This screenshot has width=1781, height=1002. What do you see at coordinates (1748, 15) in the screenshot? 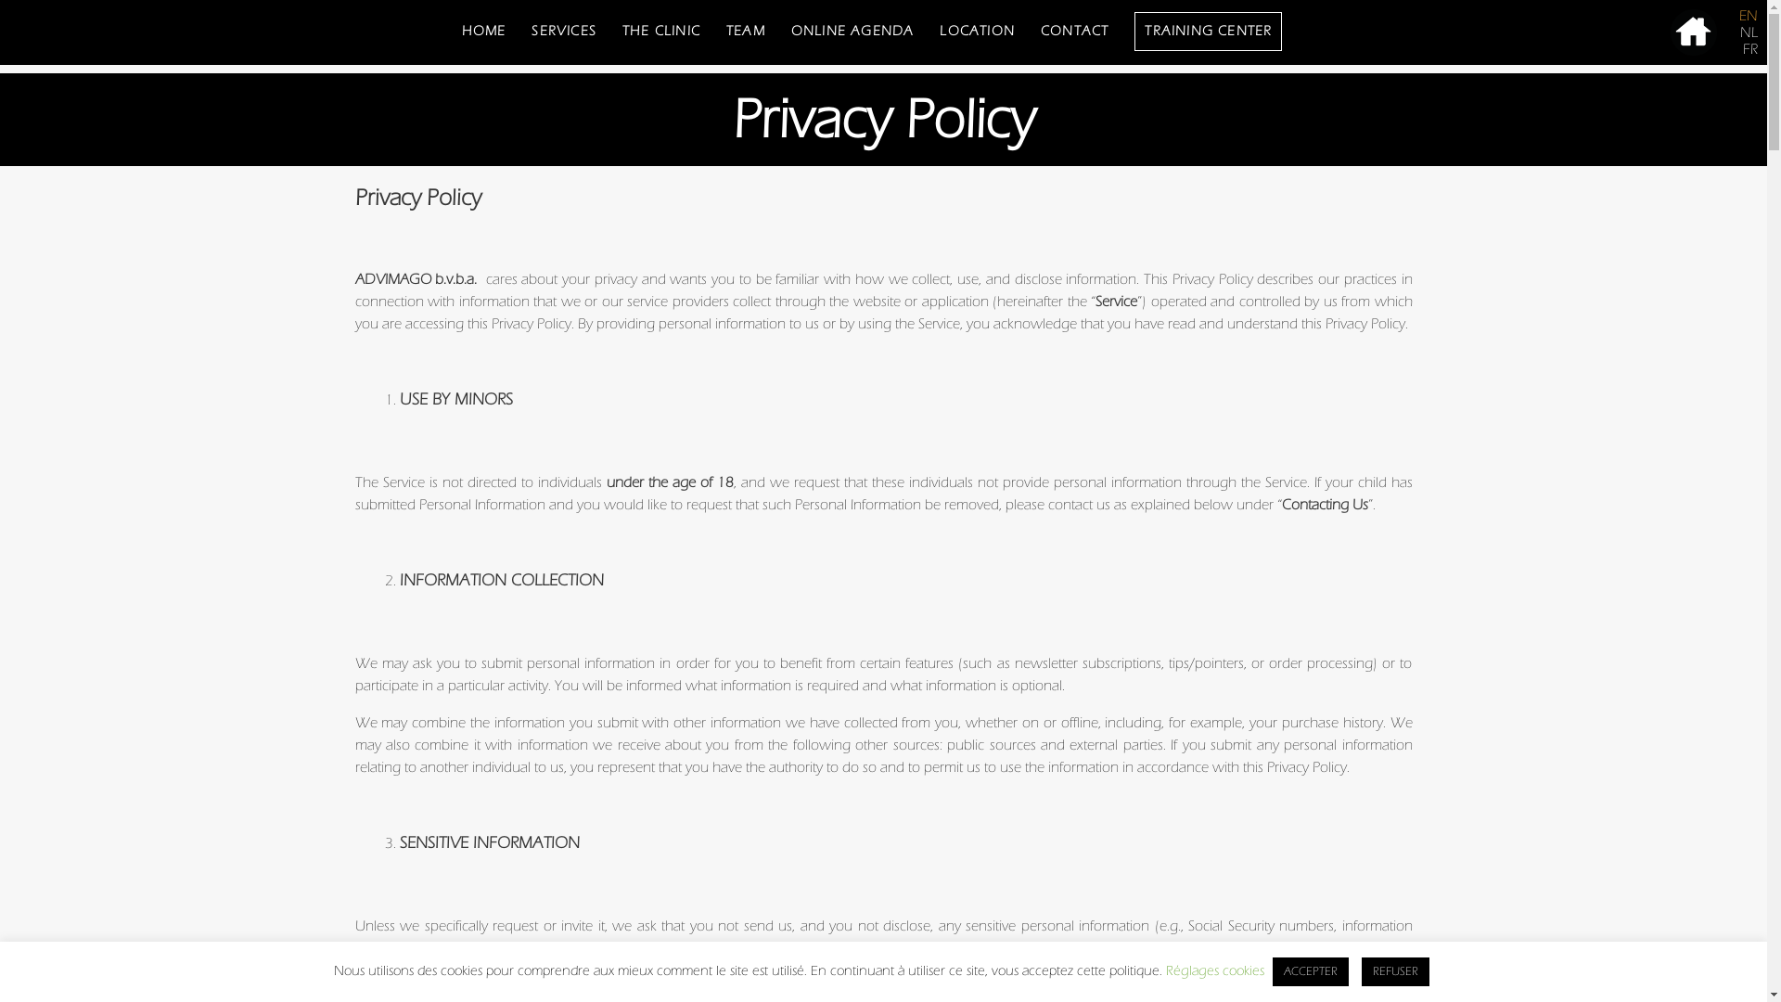
I see `'EN'` at bounding box center [1748, 15].